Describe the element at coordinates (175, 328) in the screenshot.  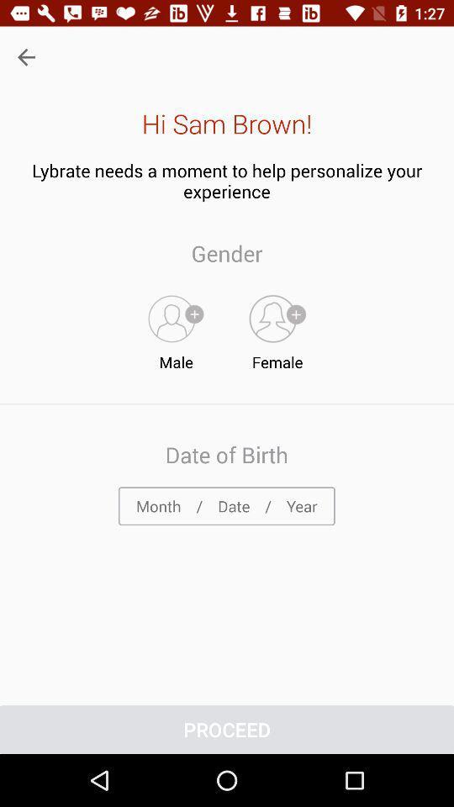
I see `item next to the female icon` at that location.